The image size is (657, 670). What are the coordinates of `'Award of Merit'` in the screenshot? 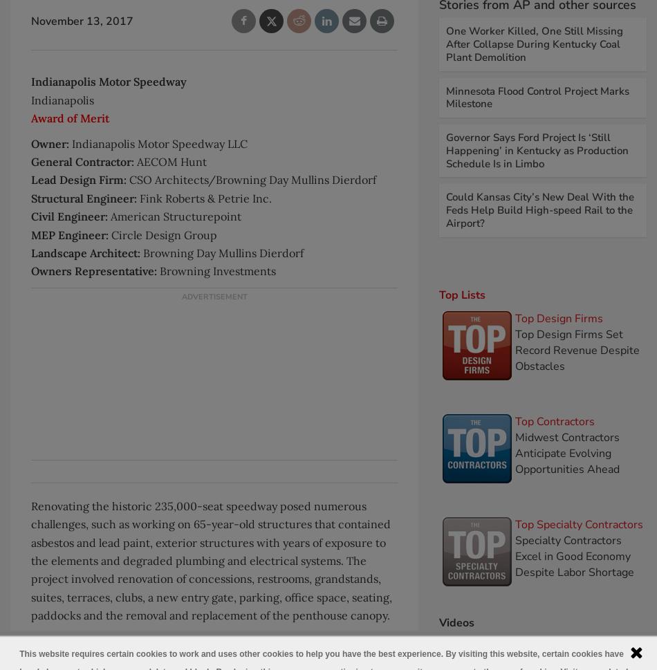 It's located at (70, 118).